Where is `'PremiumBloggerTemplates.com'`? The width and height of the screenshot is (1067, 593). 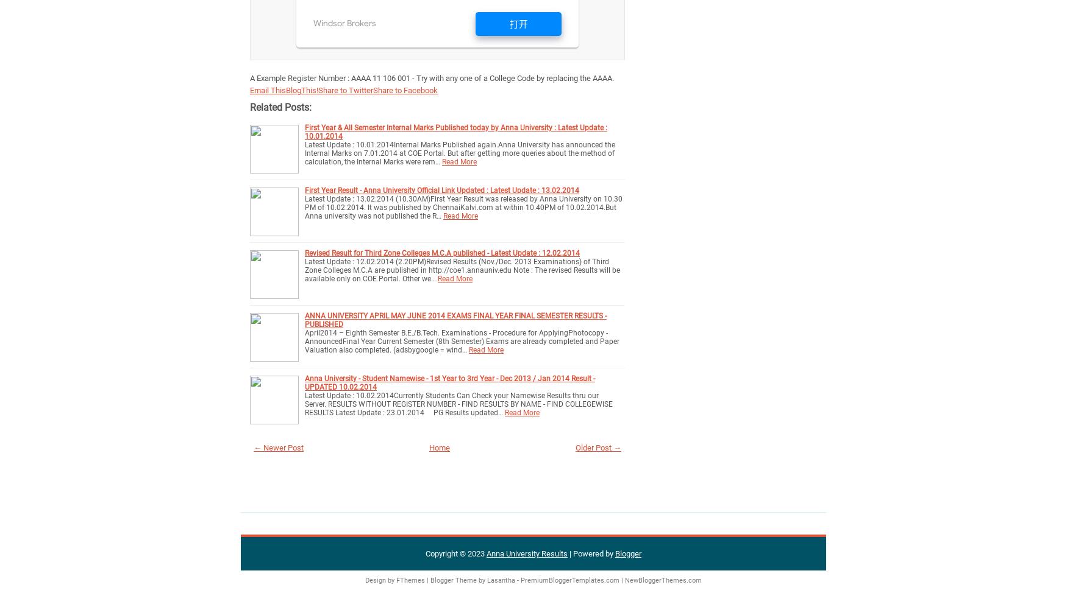 'PremiumBloggerTemplates.com' is located at coordinates (569, 580).